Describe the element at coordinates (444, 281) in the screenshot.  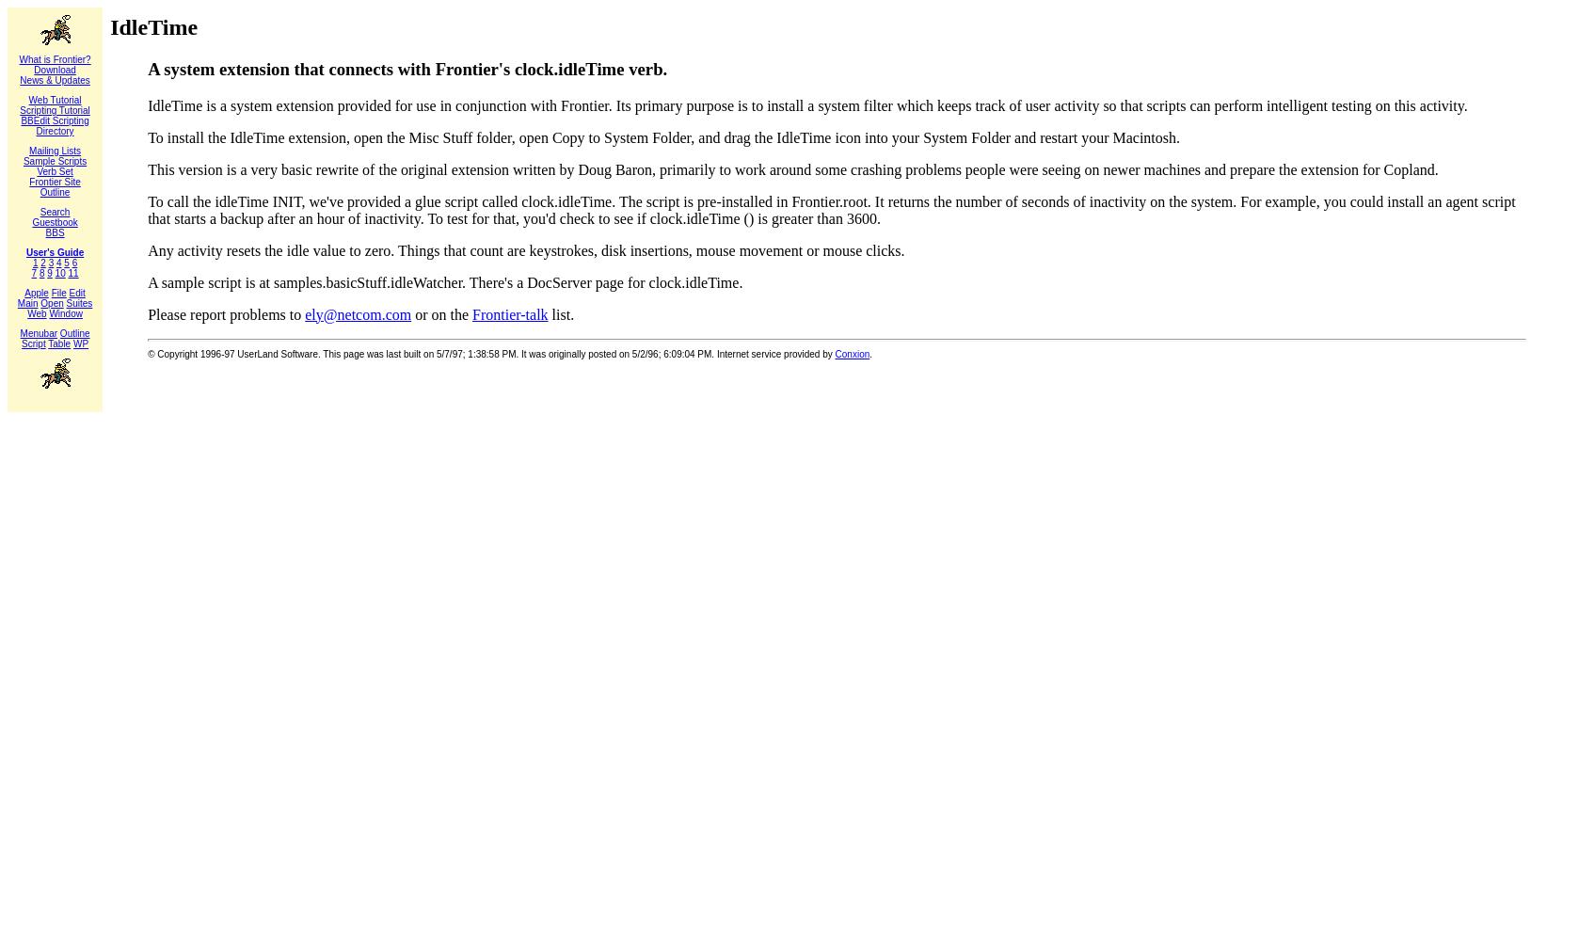
I see `'A sample script is at samples.basicStuff.idleWatcher. There's a DocServer page for clock.idleTime.'` at that location.